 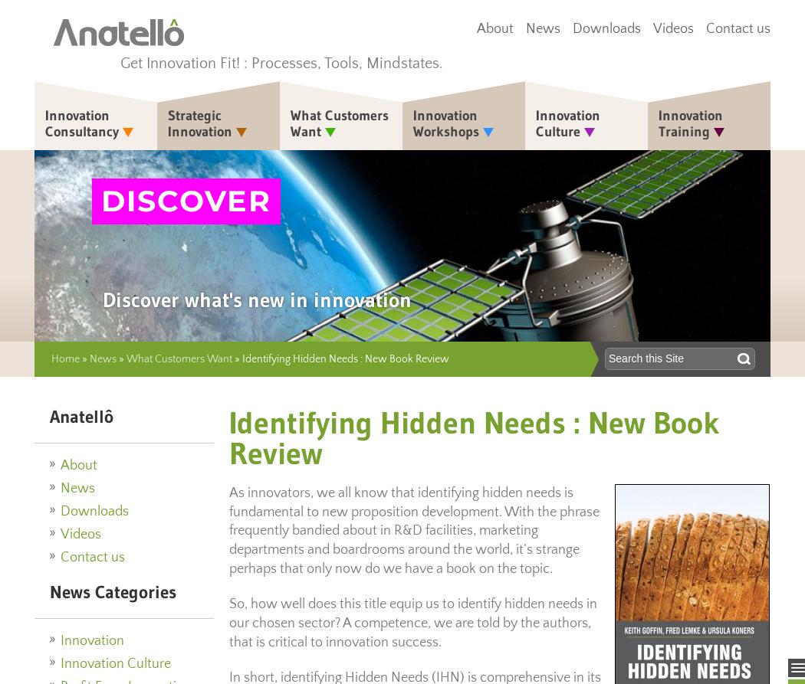 What do you see at coordinates (115, 663) in the screenshot?
I see `'Innovation Culture'` at bounding box center [115, 663].